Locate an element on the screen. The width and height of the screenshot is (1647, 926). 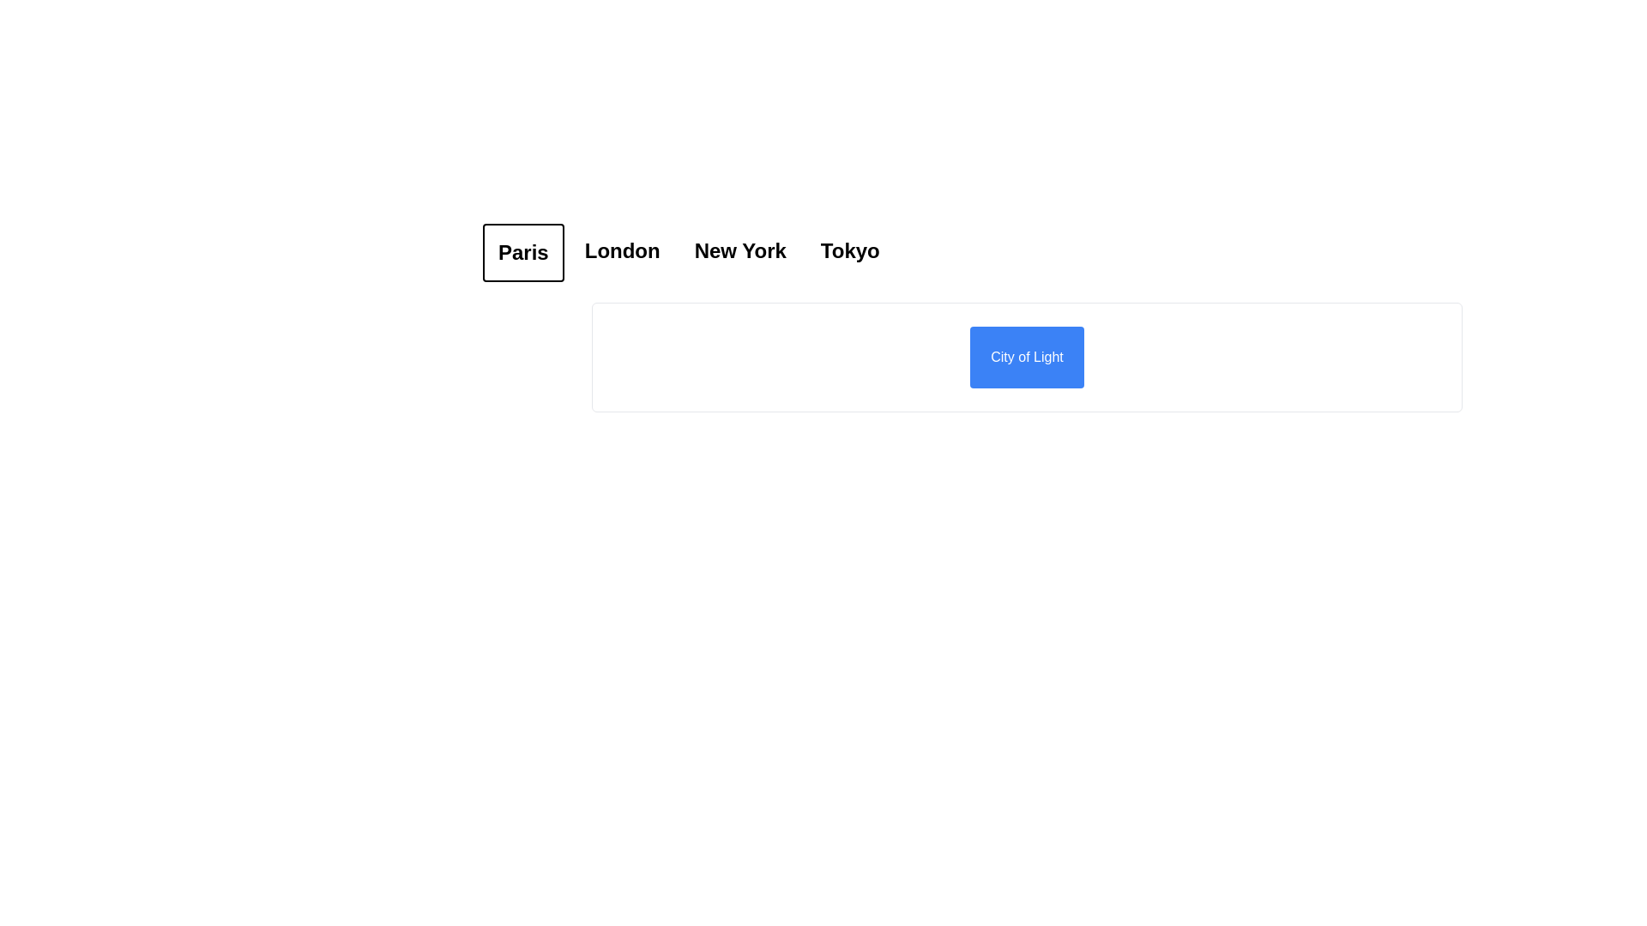
the text label displaying the city name 'Tokyo', which is the last item in a horizontally aligned list of city names is located at coordinates (850, 251).